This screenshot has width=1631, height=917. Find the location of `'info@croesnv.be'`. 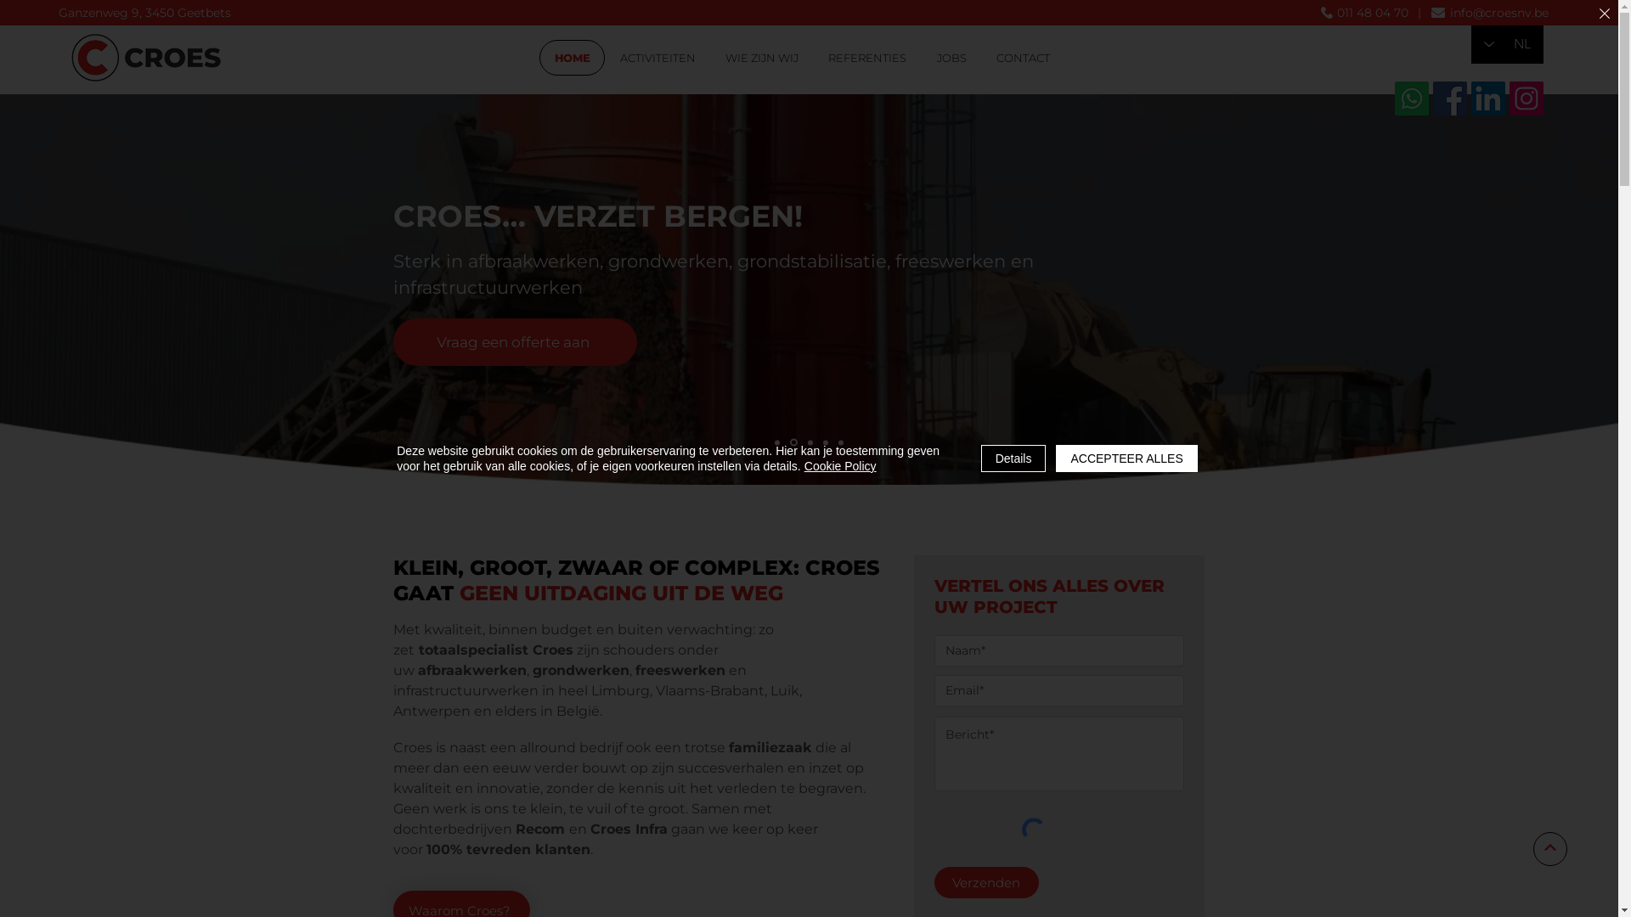

'info@croesnv.be' is located at coordinates (1499, 13).